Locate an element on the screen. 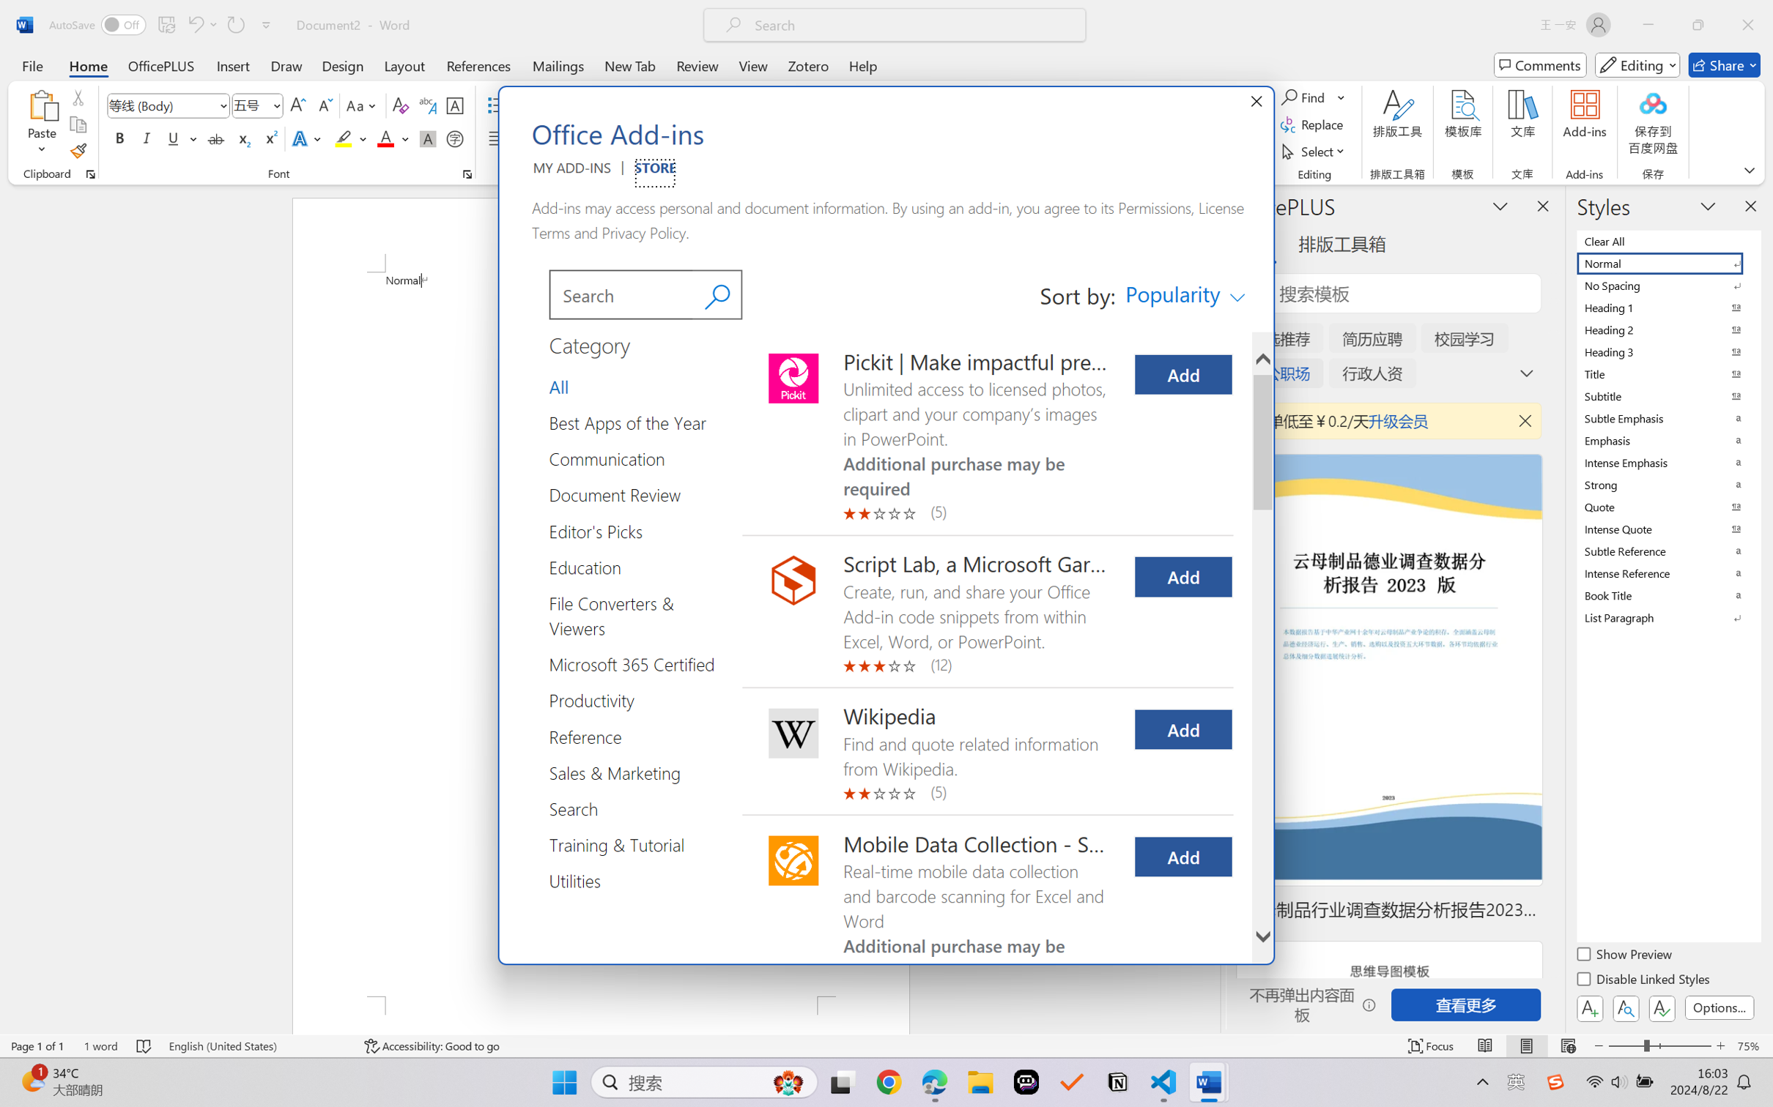  'Insert' is located at coordinates (232, 64).